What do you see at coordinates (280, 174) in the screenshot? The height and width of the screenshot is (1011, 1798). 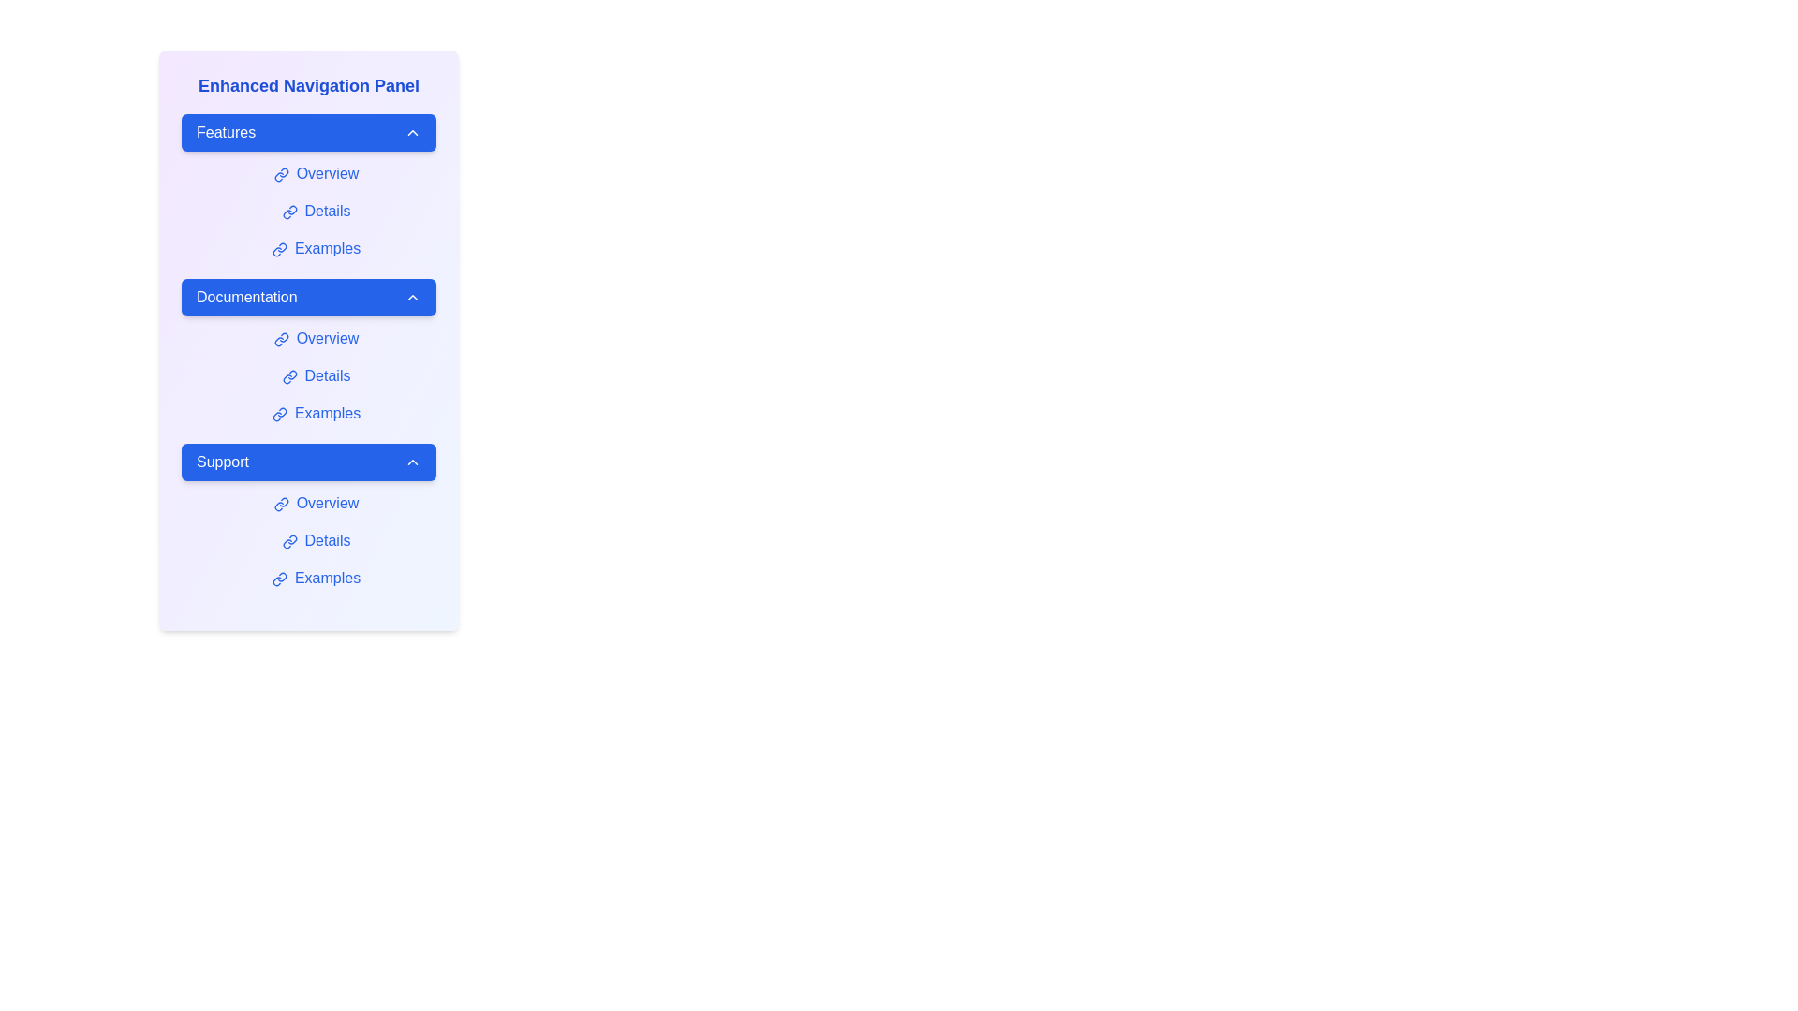 I see `the small blue outlined icon representing a chain link located to the left of the 'Overview' text in the 'Features' section of the navigation panel` at bounding box center [280, 174].